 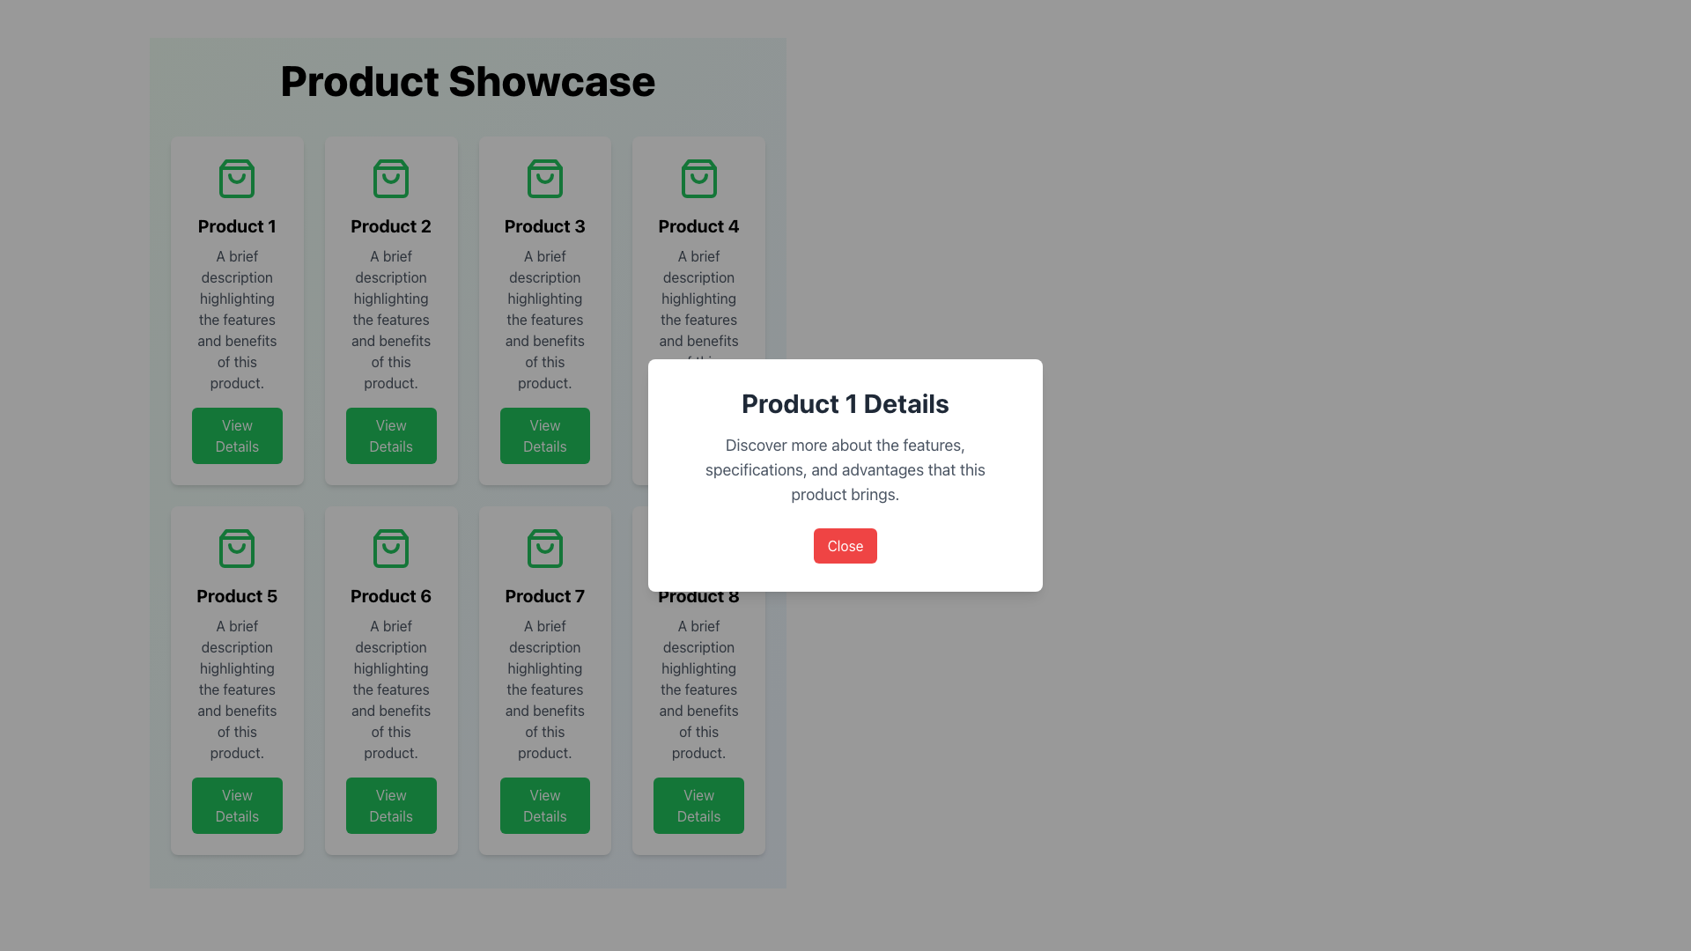 What do you see at coordinates (543, 805) in the screenshot?
I see `the green 'View Details' button at the bottom of the card for 'Product 7'` at bounding box center [543, 805].